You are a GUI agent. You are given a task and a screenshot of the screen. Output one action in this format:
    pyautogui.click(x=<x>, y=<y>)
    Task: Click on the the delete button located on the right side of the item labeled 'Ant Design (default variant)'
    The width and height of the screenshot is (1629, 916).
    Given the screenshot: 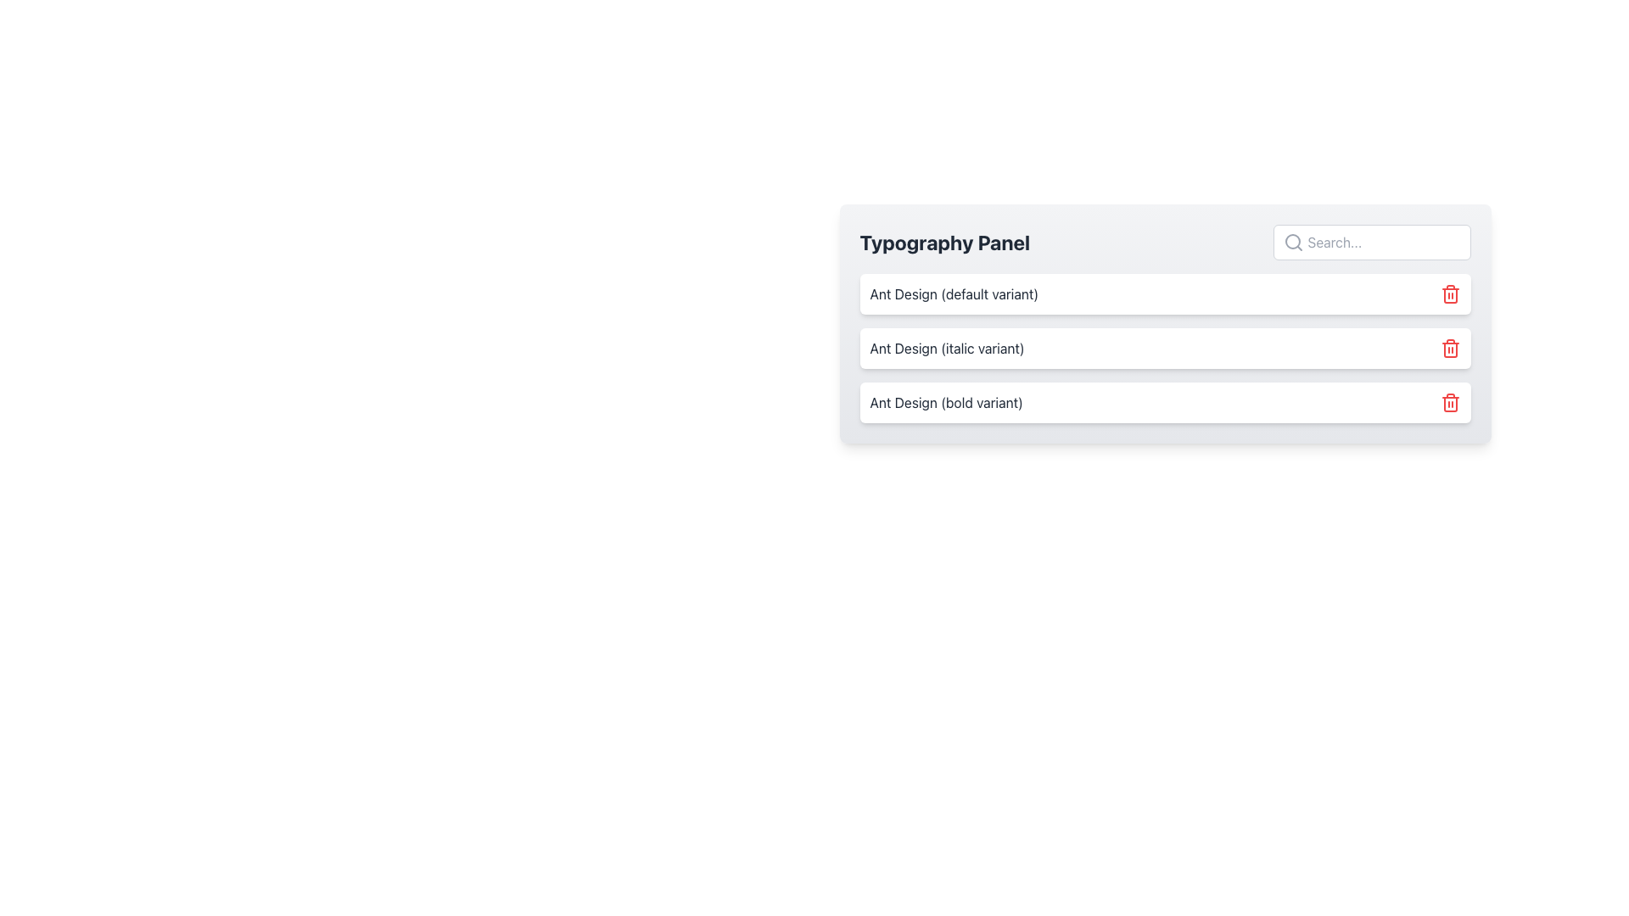 What is the action you would take?
    pyautogui.click(x=1449, y=293)
    